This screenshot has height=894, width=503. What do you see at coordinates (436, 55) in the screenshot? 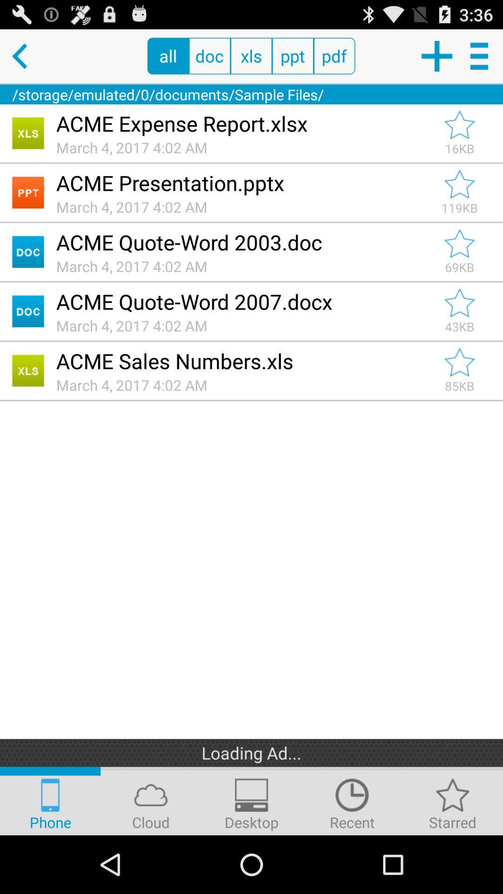
I see `a new file` at bounding box center [436, 55].